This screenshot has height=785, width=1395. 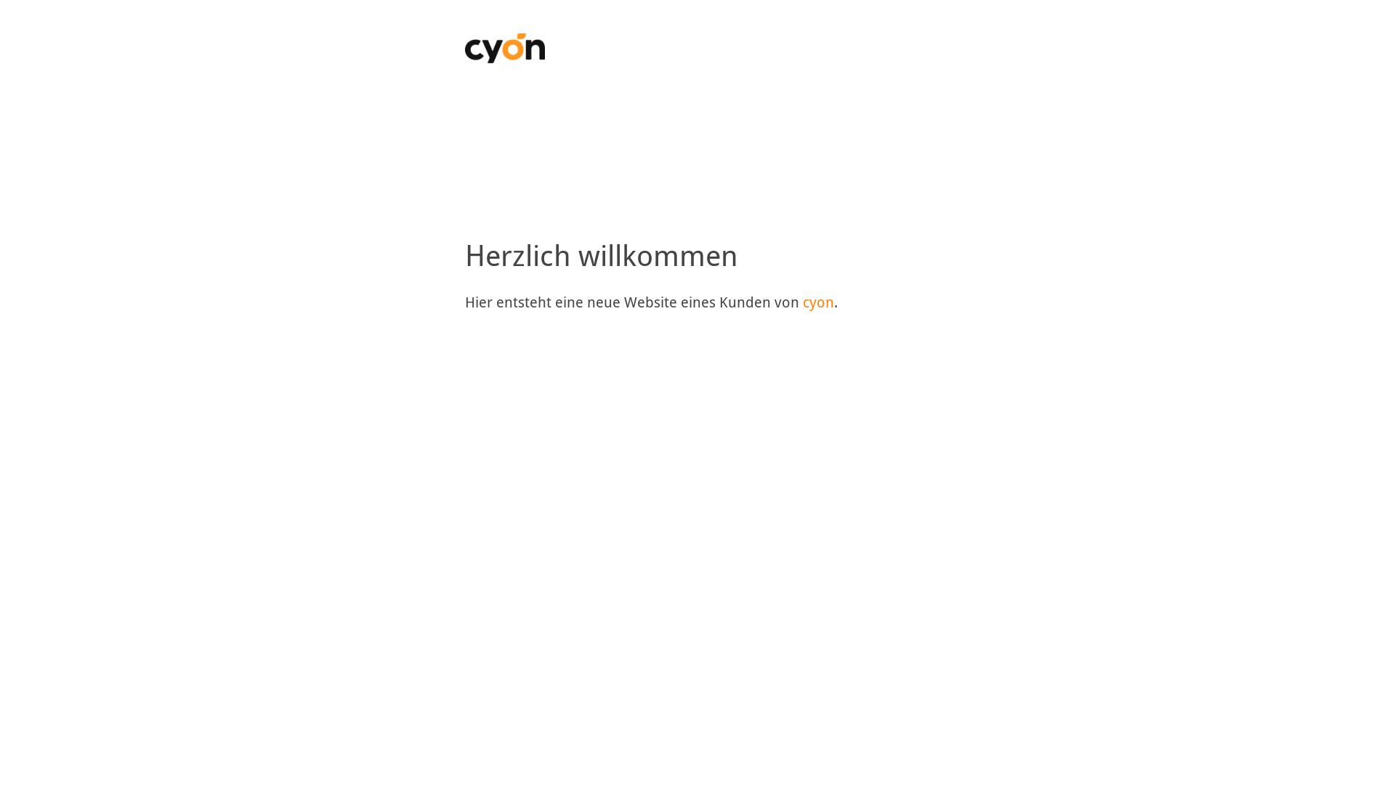 What do you see at coordinates (818, 302) in the screenshot?
I see `'cyon'` at bounding box center [818, 302].